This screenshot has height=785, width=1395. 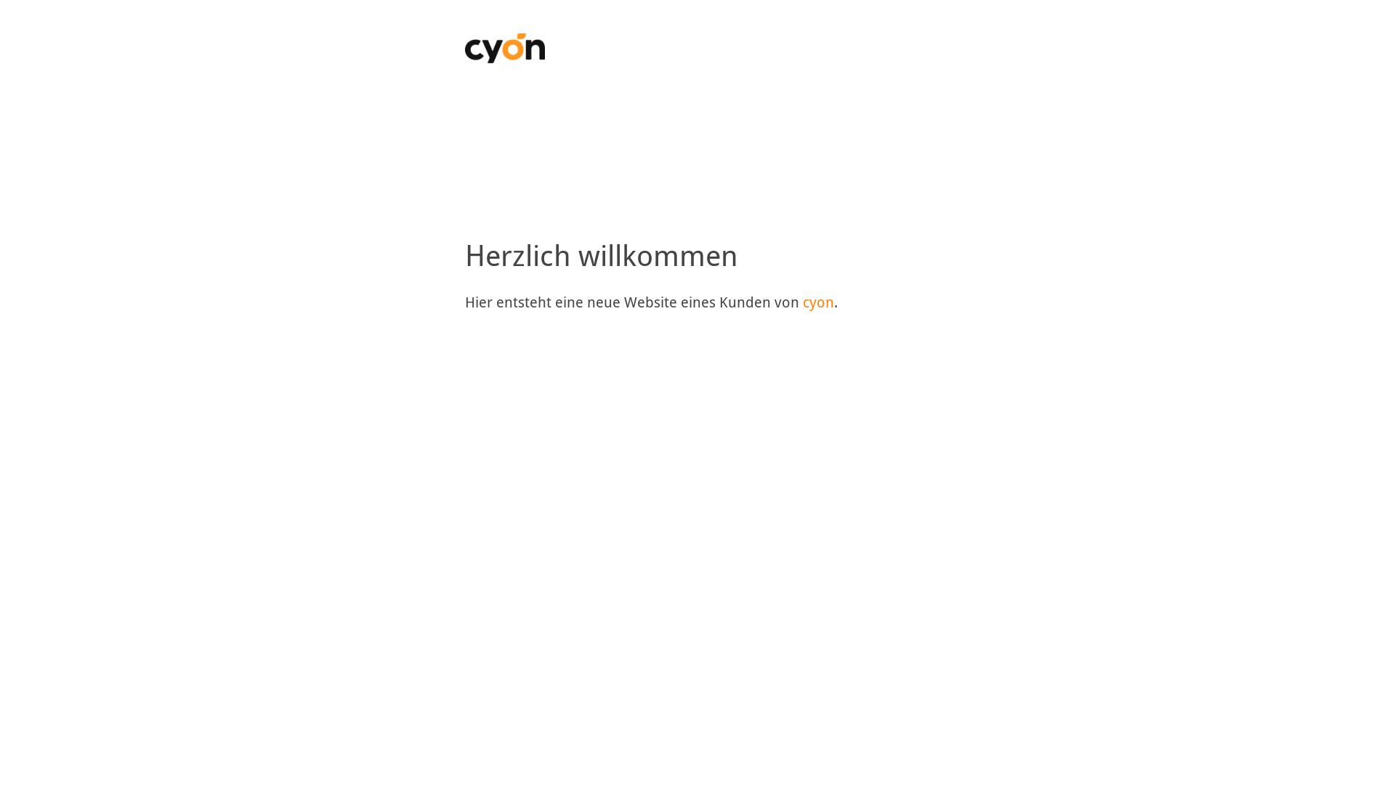 What do you see at coordinates (818, 302) in the screenshot?
I see `'cyon'` at bounding box center [818, 302].